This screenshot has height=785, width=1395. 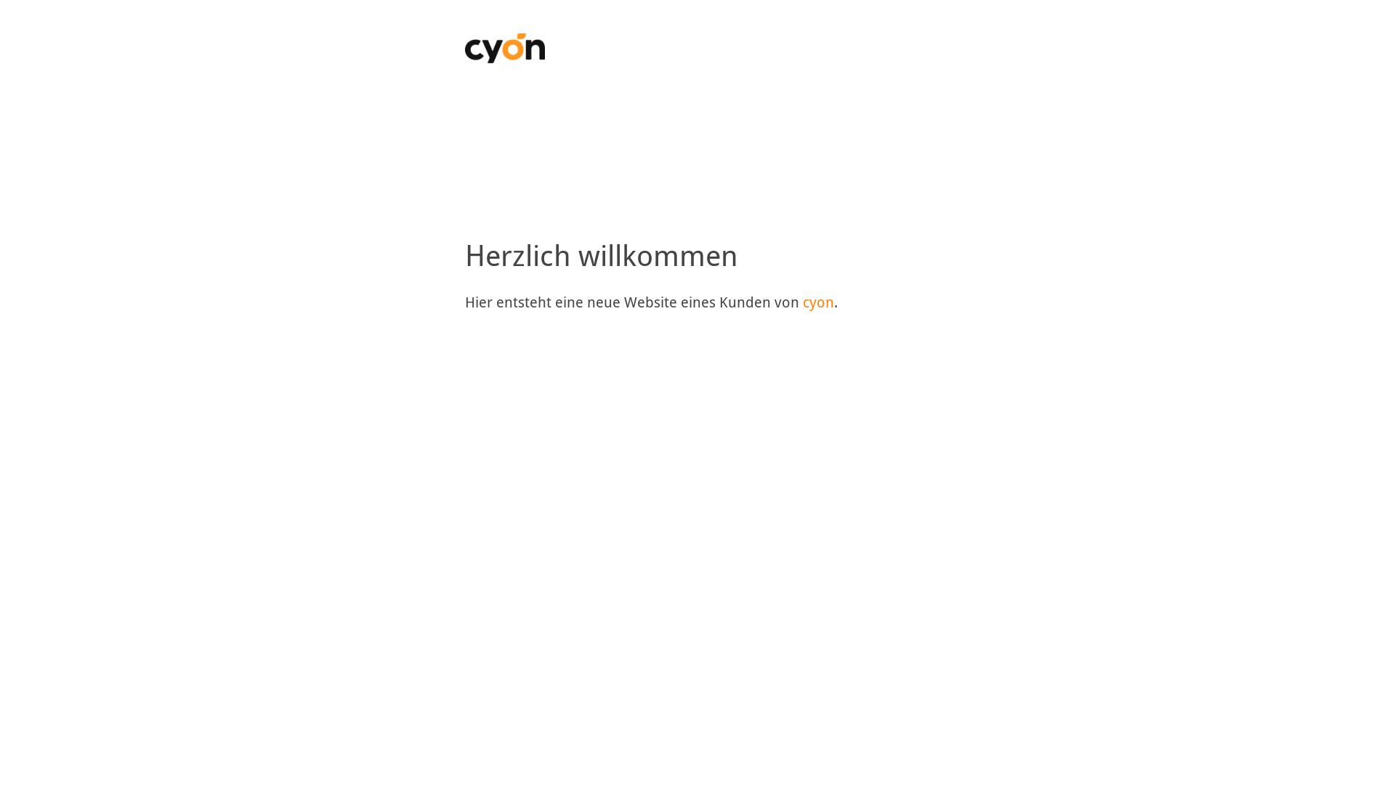 What do you see at coordinates (818, 302) in the screenshot?
I see `'cyon'` at bounding box center [818, 302].